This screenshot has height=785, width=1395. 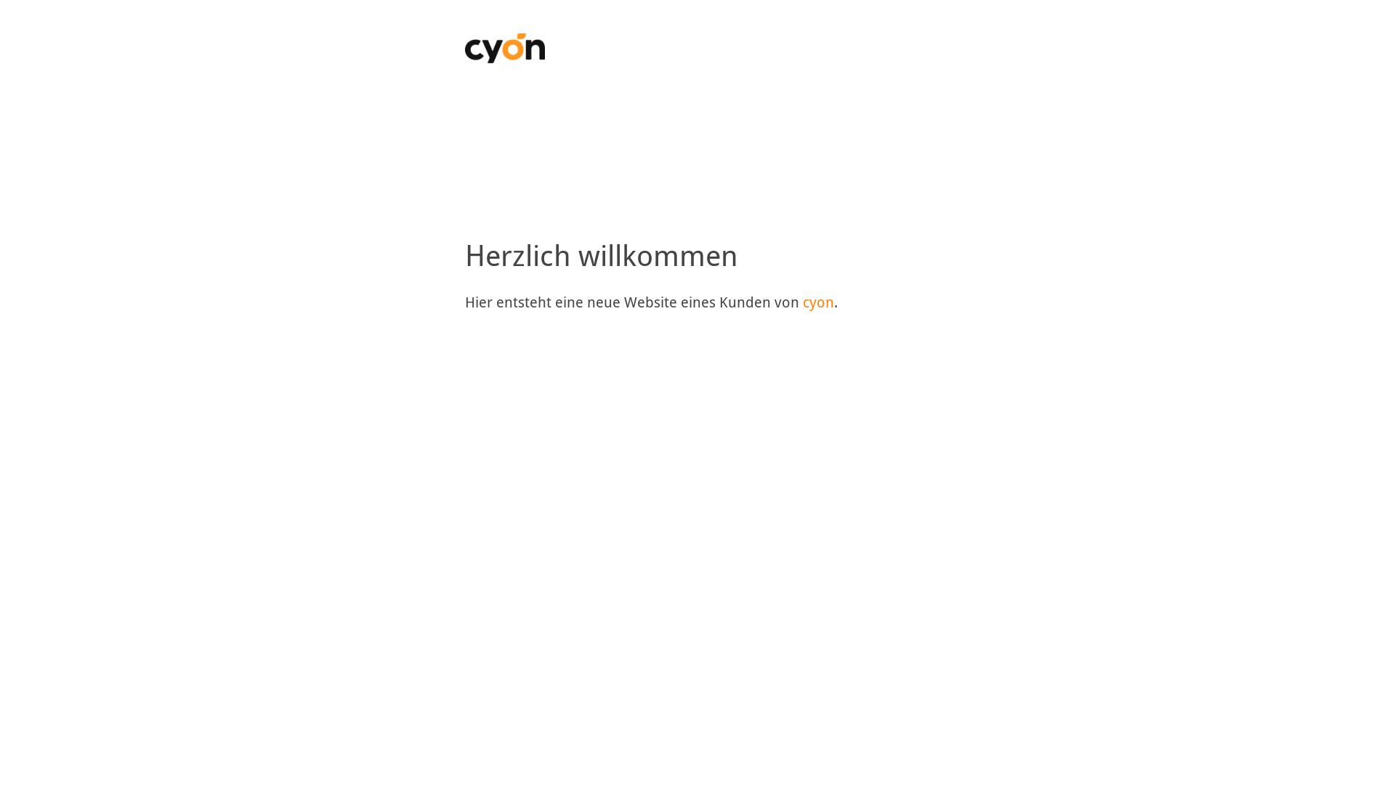 What do you see at coordinates (818, 302) in the screenshot?
I see `'cyon'` at bounding box center [818, 302].